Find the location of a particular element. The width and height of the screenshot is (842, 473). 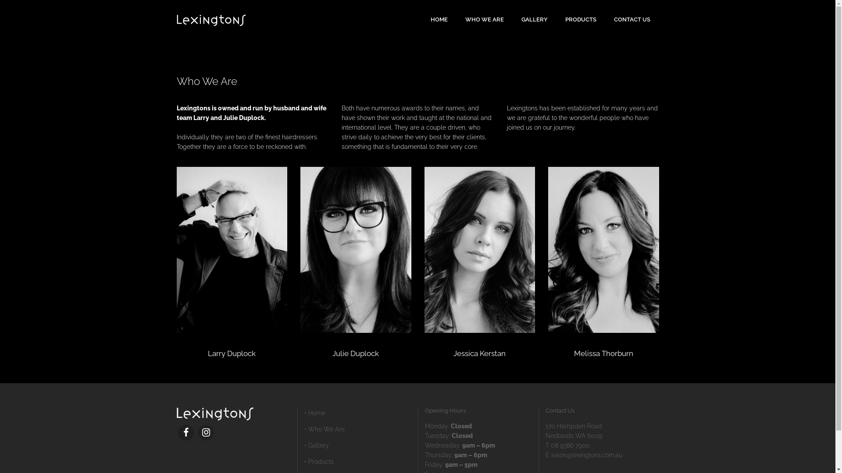

'julie' is located at coordinates (356, 250).